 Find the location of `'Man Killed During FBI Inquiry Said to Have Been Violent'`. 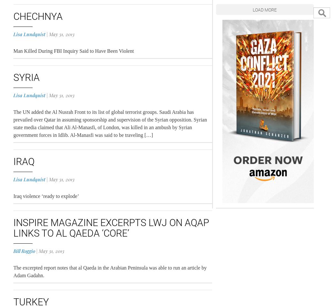

'Man Killed During FBI Inquiry Said to Have Been Violent' is located at coordinates (73, 51).